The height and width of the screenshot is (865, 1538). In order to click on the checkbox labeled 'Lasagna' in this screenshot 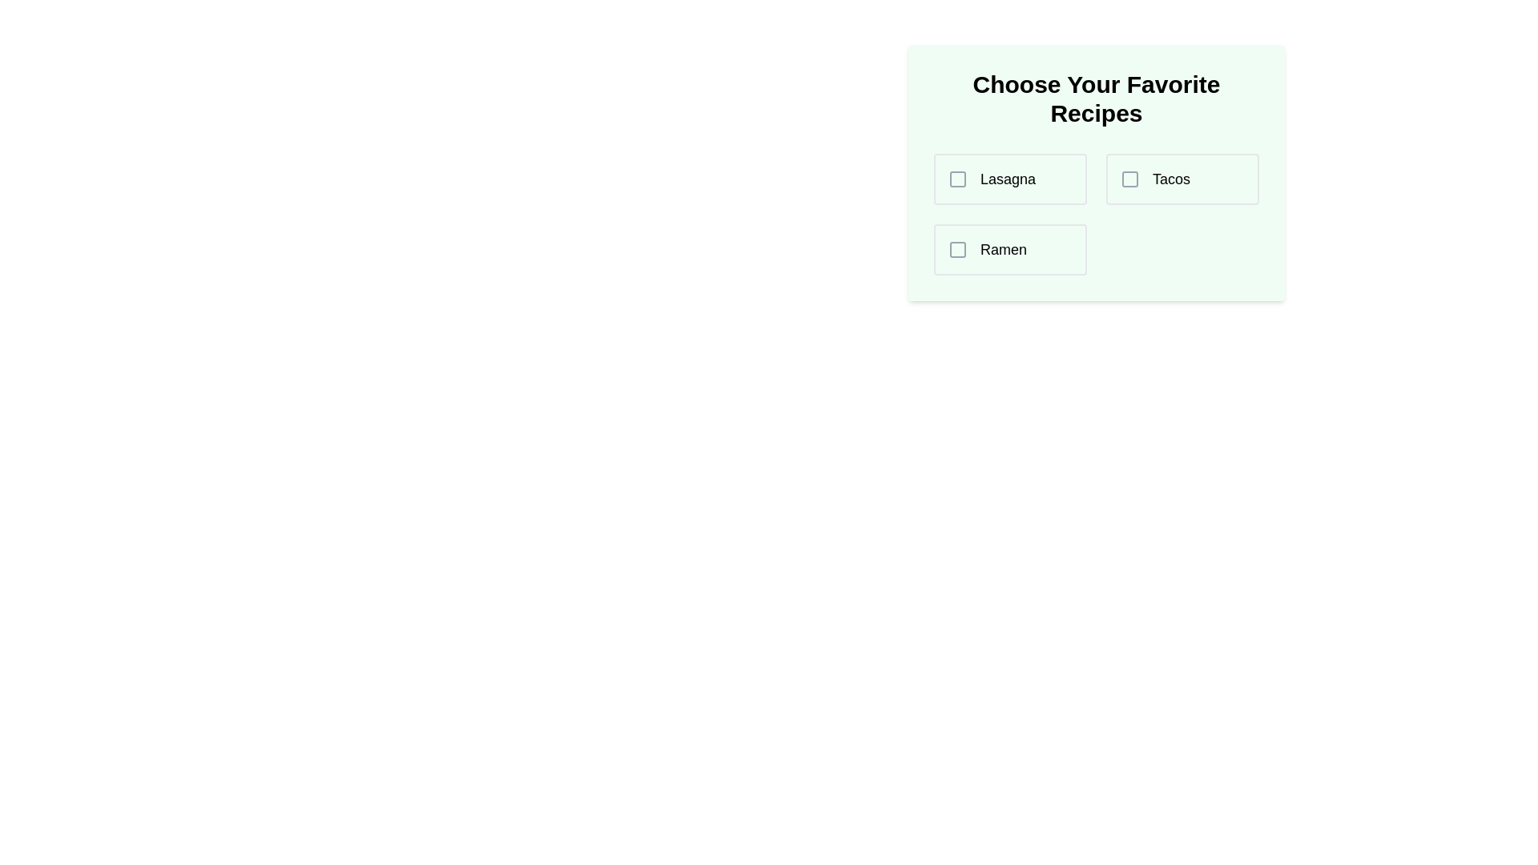, I will do `click(957, 179)`.